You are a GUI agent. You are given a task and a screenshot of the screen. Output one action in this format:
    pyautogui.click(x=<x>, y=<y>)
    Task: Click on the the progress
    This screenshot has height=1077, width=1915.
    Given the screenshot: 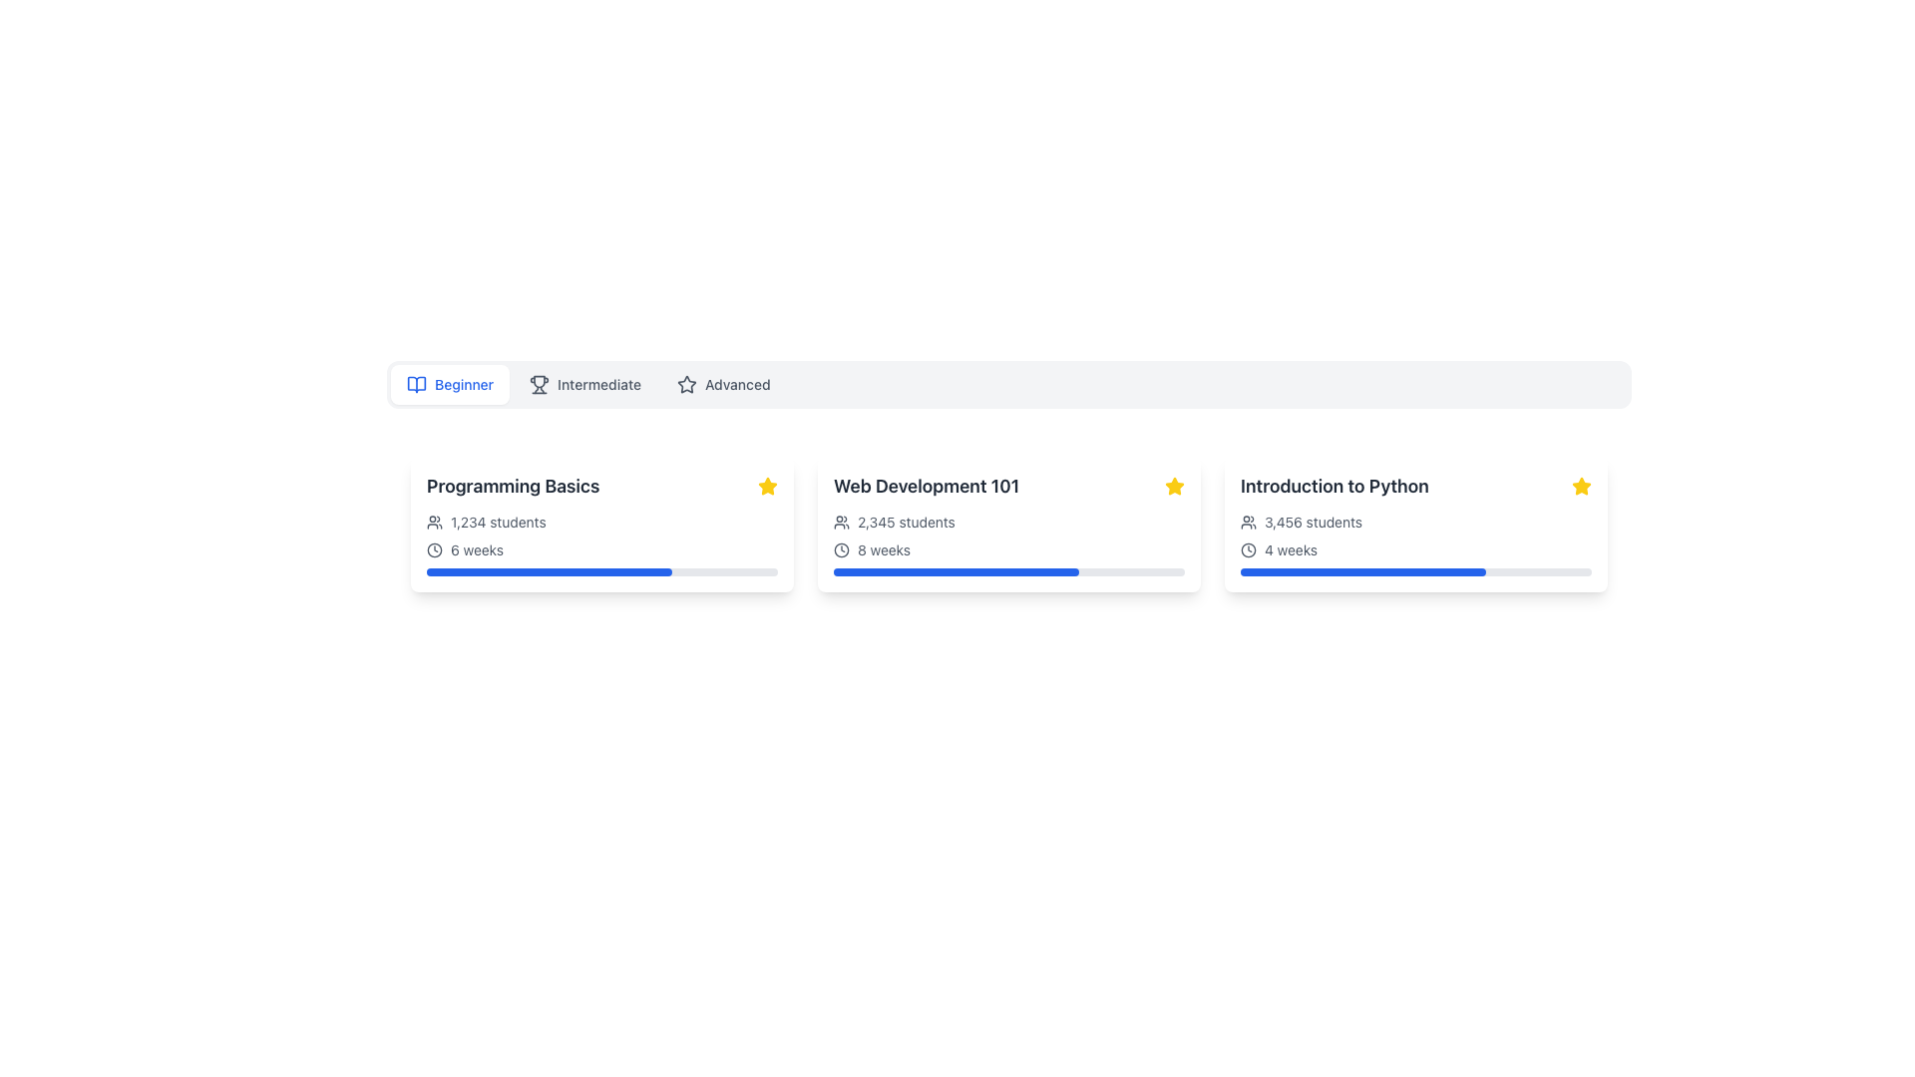 What is the action you would take?
    pyautogui.click(x=647, y=572)
    